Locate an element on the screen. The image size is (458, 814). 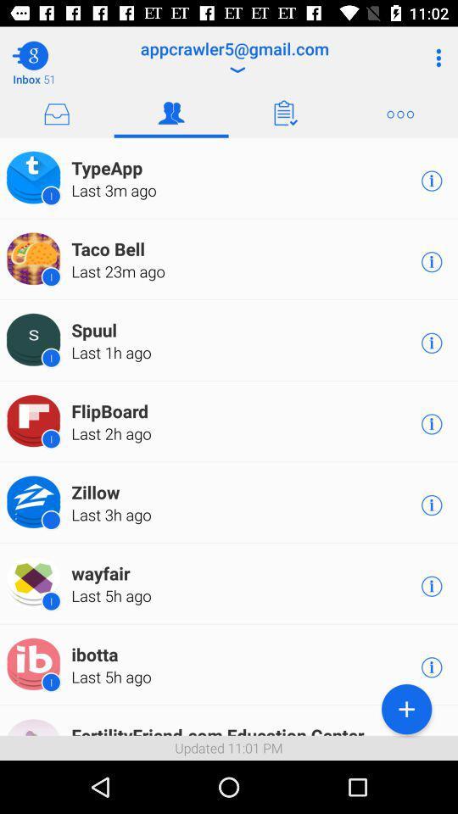
the add icon is located at coordinates (405, 758).